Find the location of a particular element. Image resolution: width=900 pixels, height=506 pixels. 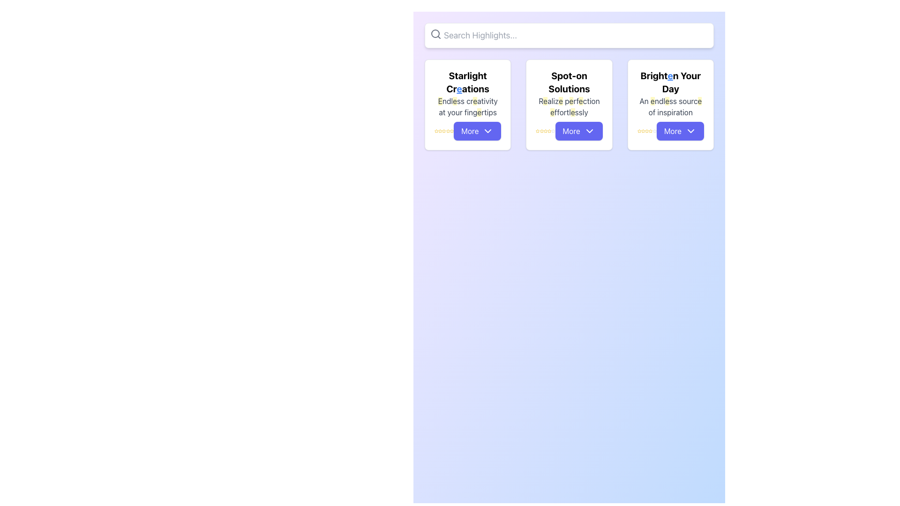

the letter 'e' in the text 'Realize perfection effortlessly' located in the middle card labeled 'Spot-on Solutions.' is located at coordinates (570, 101).